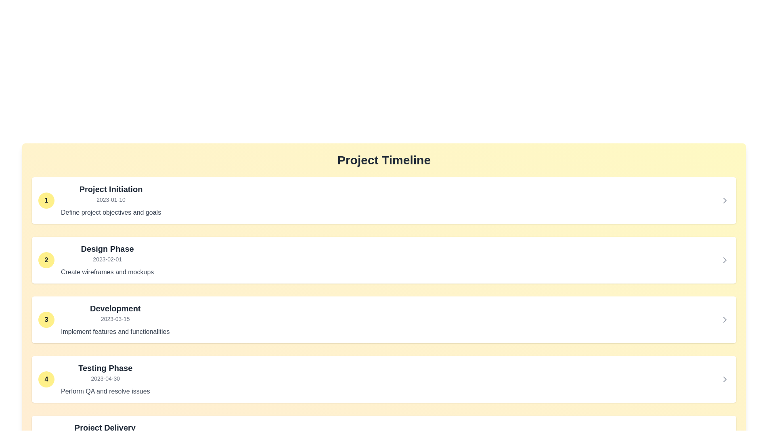 This screenshot has height=435, width=775. I want to click on the Chevron Right icon at the end of the Project Initiation card in the Project Timeline section, so click(725, 200).